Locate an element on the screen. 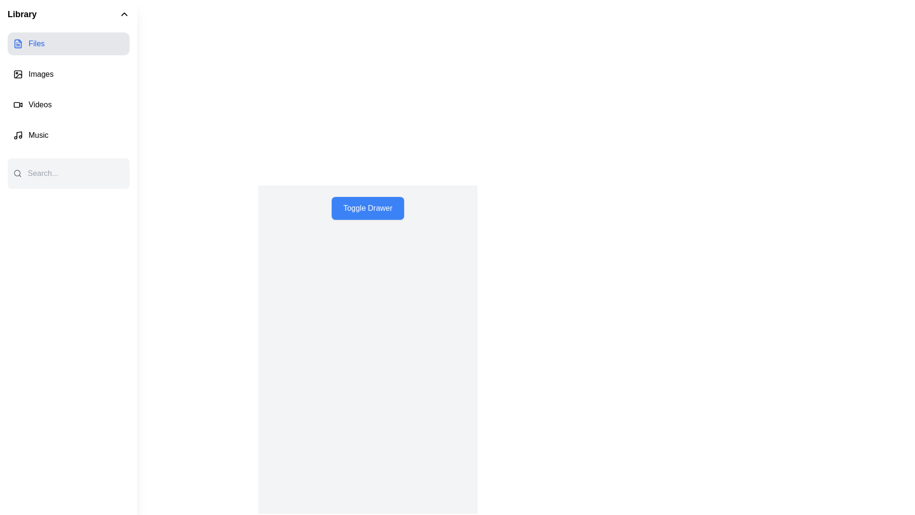 The width and height of the screenshot is (915, 515). the musical note icon in the 'Music' menu item, positioned next to the 'Music' label is located at coordinates (18, 135).